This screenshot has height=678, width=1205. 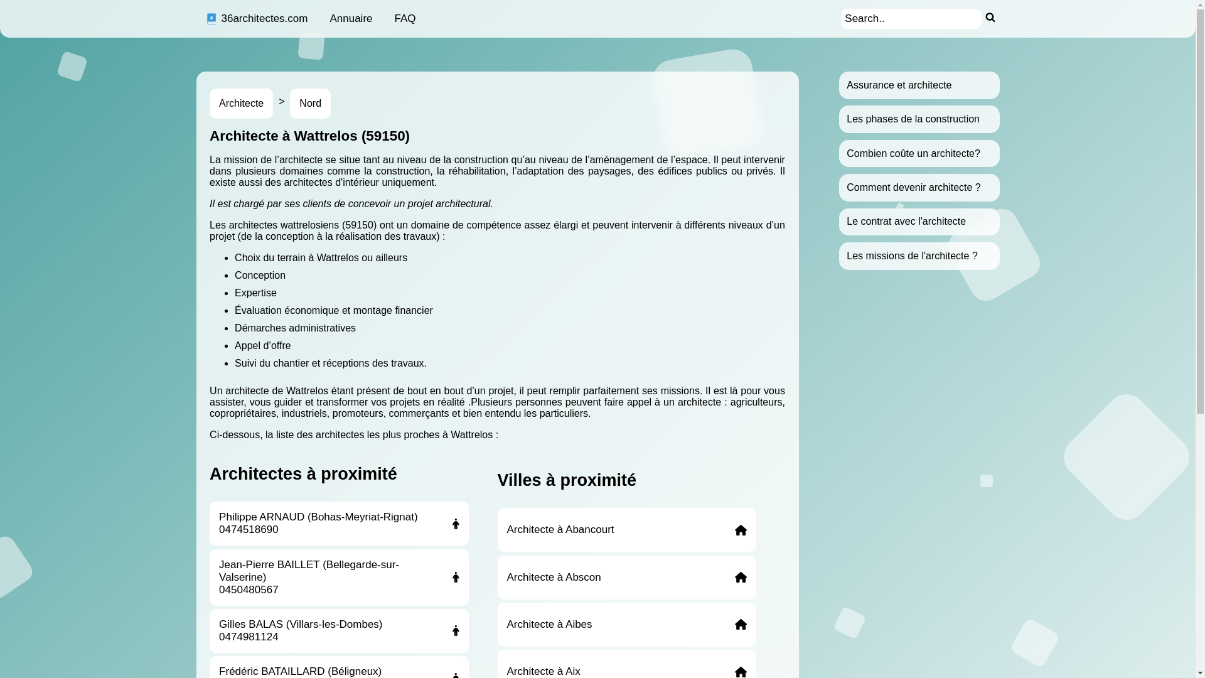 What do you see at coordinates (310, 103) in the screenshot?
I see `'Nord'` at bounding box center [310, 103].